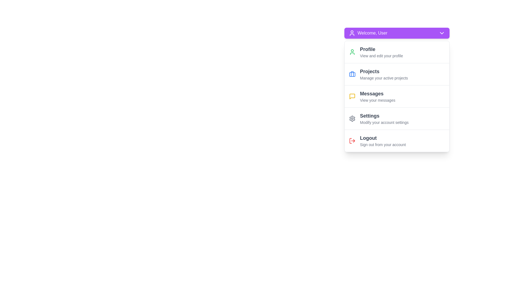 The height and width of the screenshot is (296, 526). I want to click on the small yellow speech bubble icon located next to the text 'Messages' in the third row of the vertical menu, so click(352, 96).